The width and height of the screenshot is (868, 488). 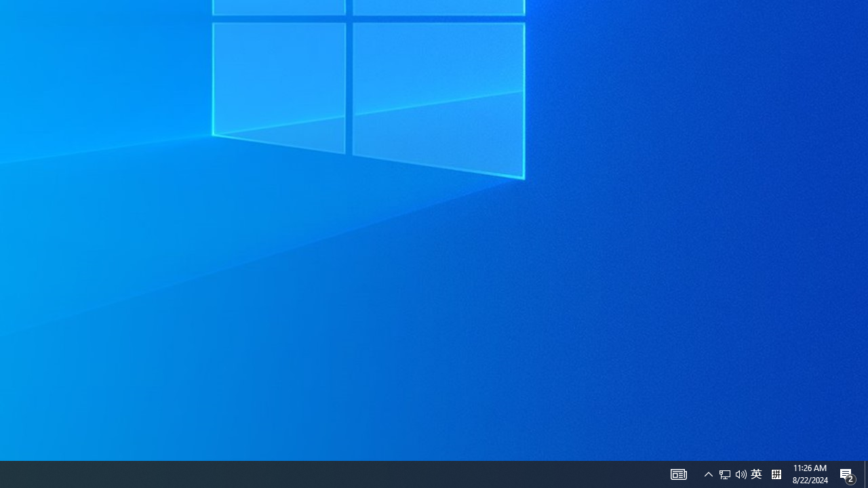 What do you see at coordinates (724, 473) in the screenshot?
I see `'User Promoted Notification Area'` at bounding box center [724, 473].